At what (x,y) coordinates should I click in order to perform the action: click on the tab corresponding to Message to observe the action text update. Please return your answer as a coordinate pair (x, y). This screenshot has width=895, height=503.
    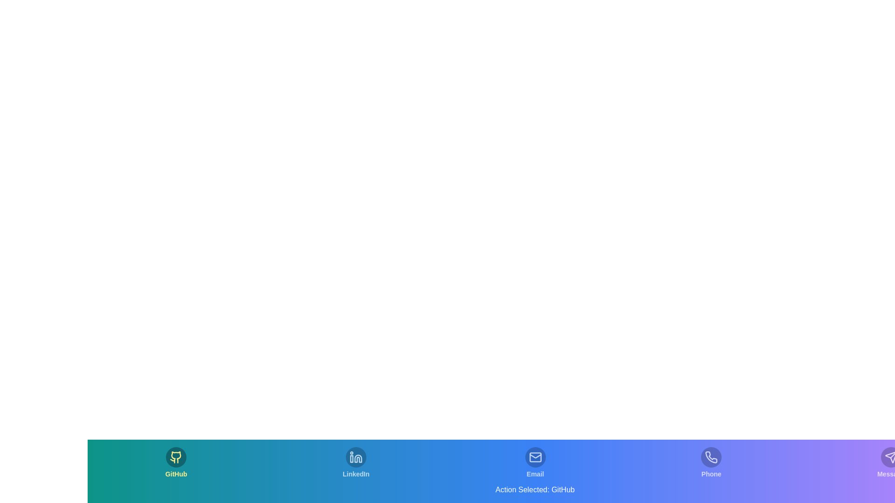
    Looking at the image, I should click on (890, 463).